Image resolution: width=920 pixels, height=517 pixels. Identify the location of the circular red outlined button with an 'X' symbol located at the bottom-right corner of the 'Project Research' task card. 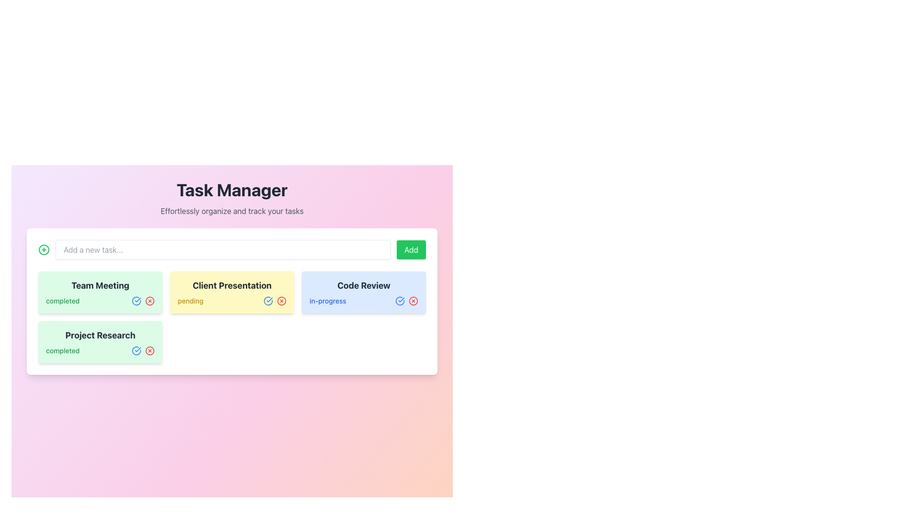
(149, 350).